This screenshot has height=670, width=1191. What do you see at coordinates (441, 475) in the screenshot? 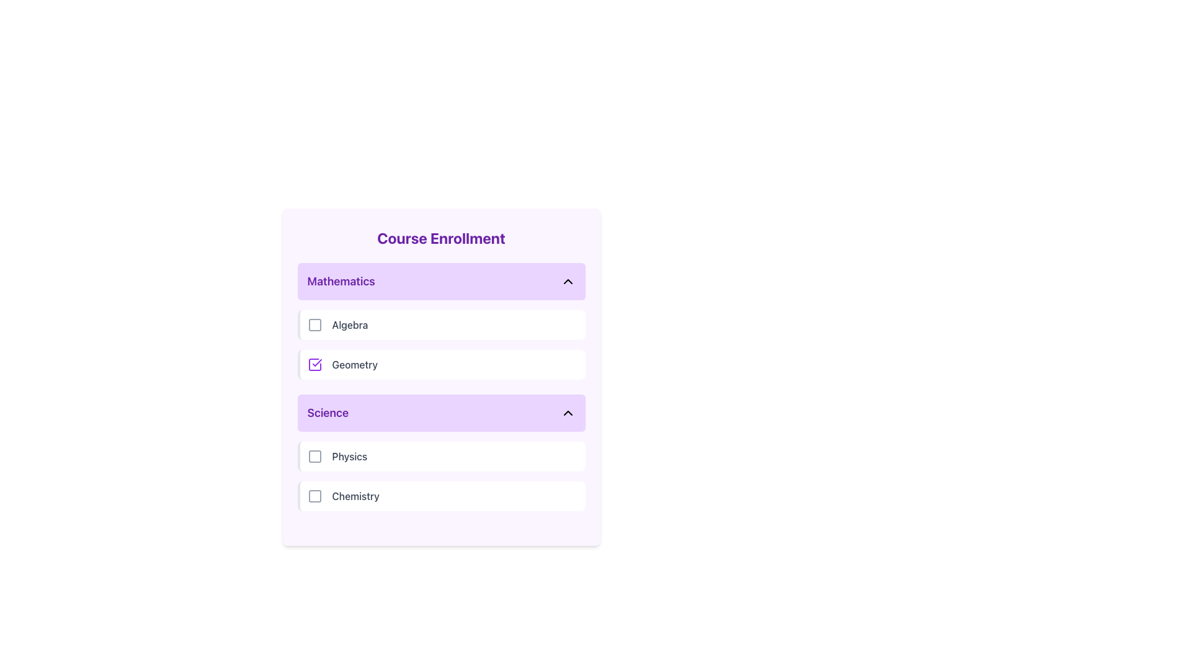
I see `the 'Physics' or 'Chemistry' item in the List group with selectable items under the 'Science' section` at bounding box center [441, 475].